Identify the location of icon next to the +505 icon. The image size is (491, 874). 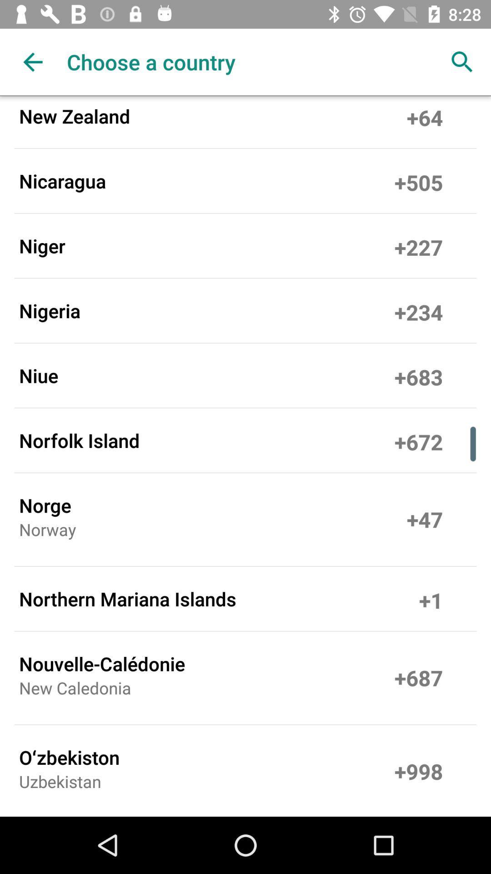
(62, 181).